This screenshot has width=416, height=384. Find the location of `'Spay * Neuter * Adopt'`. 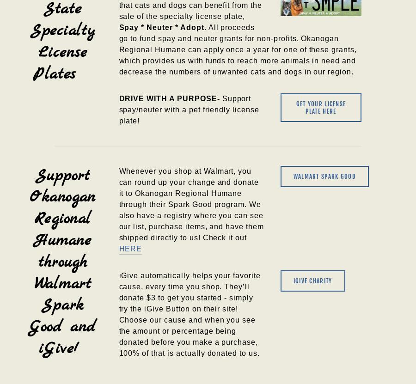

'Spay * Neuter * Adopt' is located at coordinates (161, 26).